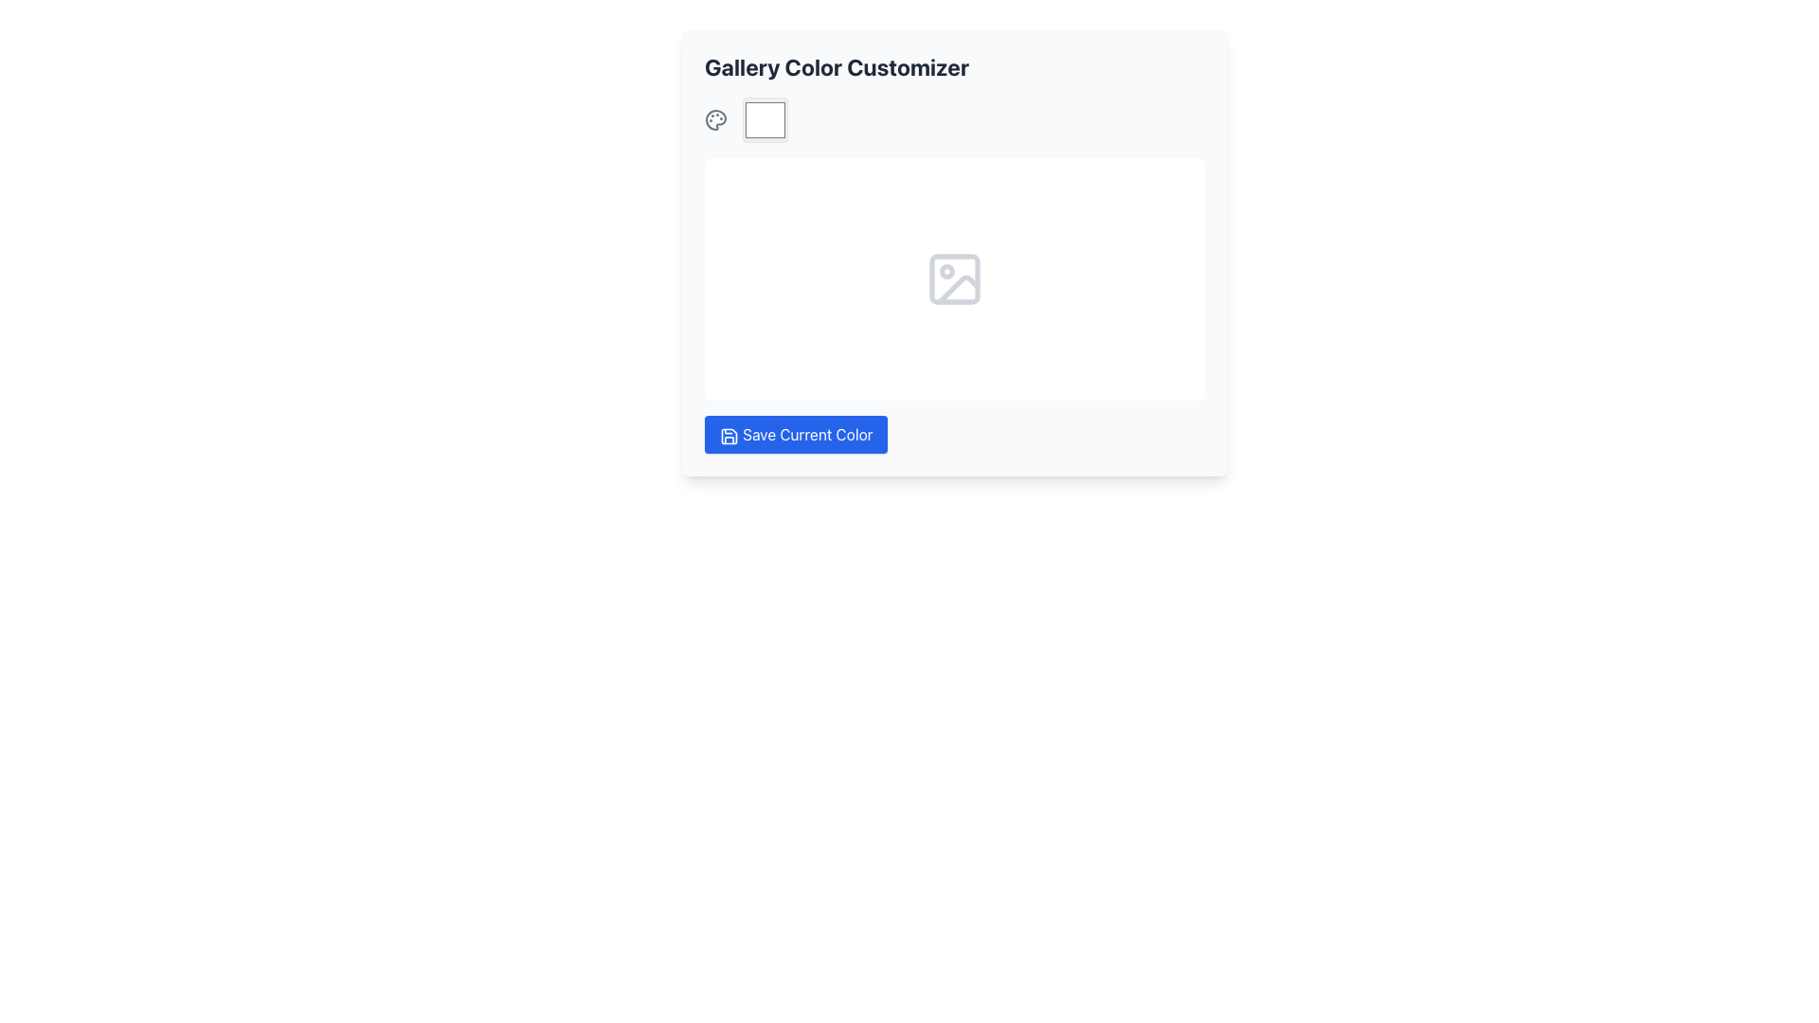 The height and width of the screenshot is (1023, 1819). What do you see at coordinates (714, 120) in the screenshot?
I see `the artistic palette icon located in the 'Gallery Color Customizer' panel` at bounding box center [714, 120].